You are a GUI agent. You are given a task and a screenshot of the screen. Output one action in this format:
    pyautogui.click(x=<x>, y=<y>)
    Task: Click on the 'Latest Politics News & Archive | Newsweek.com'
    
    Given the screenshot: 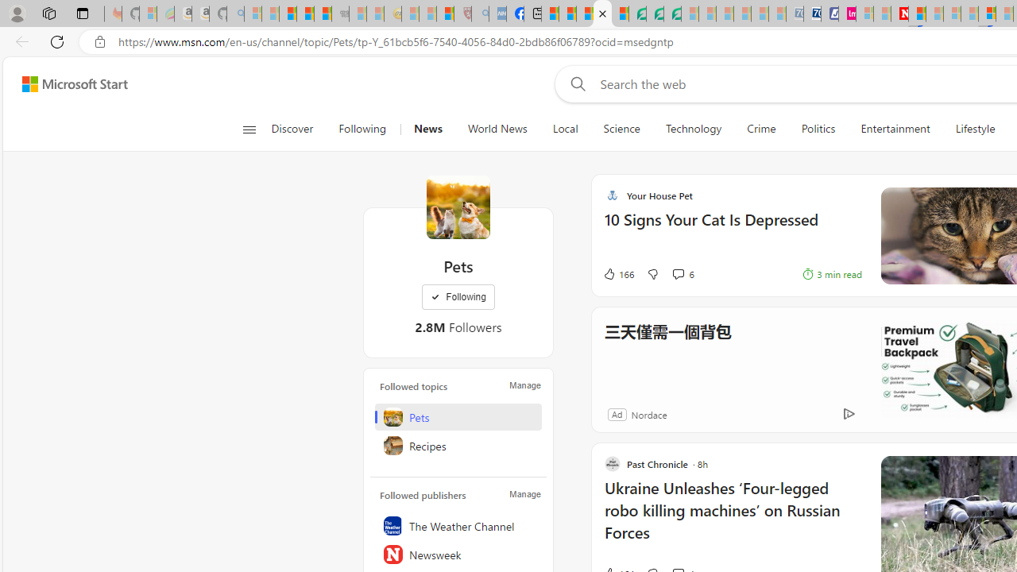 What is the action you would take?
    pyautogui.click(x=899, y=14)
    